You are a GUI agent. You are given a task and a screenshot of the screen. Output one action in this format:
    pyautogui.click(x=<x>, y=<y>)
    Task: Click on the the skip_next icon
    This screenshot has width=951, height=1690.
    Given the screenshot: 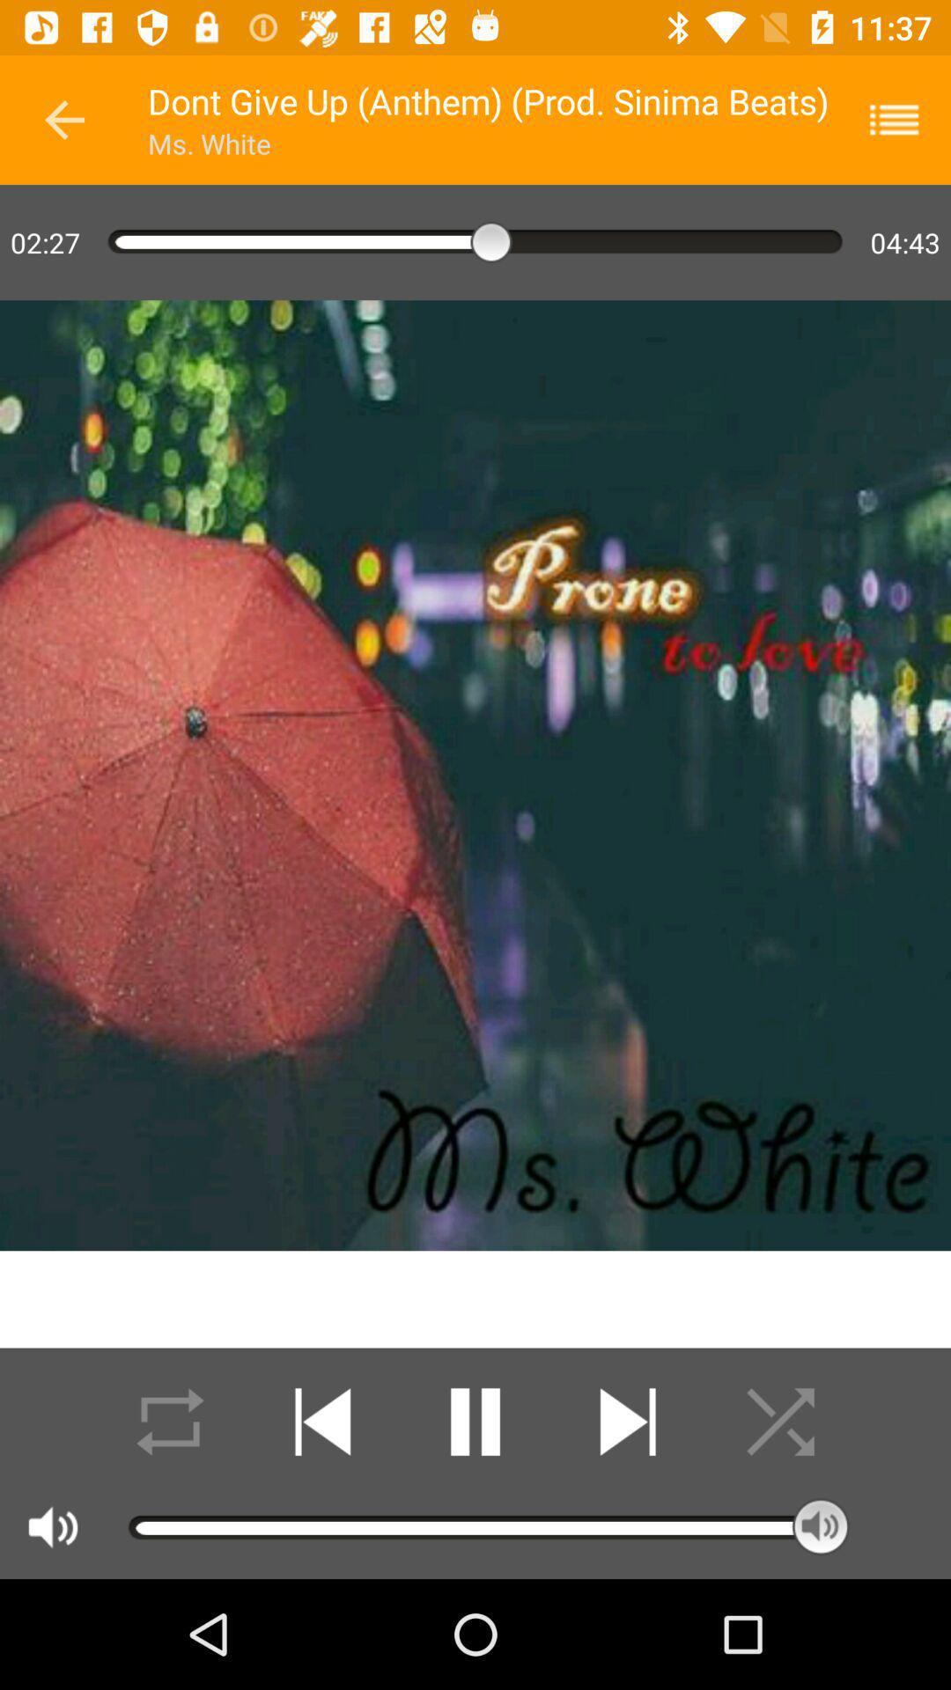 What is the action you would take?
    pyautogui.click(x=627, y=1422)
    